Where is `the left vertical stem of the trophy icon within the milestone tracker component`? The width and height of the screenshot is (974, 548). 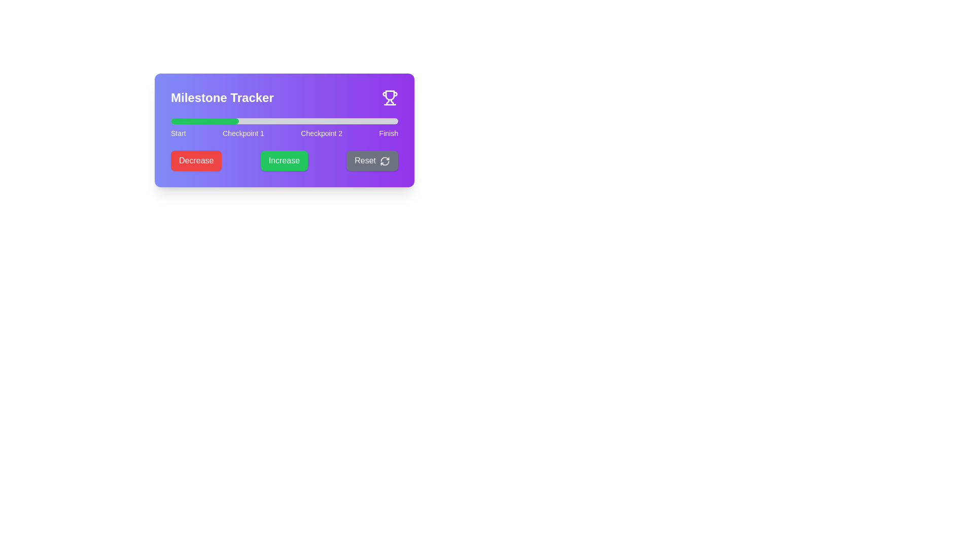 the left vertical stem of the trophy icon within the milestone tracker component is located at coordinates (387, 102).